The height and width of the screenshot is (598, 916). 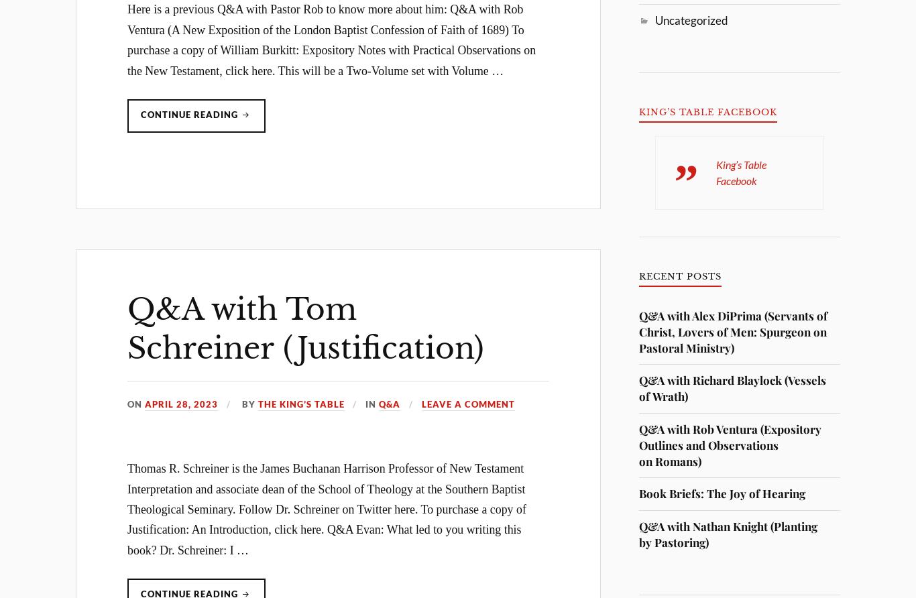 What do you see at coordinates (680, 276) in the screenshot?
I see `'Recent Posts'` at bounding box center [680, 276].